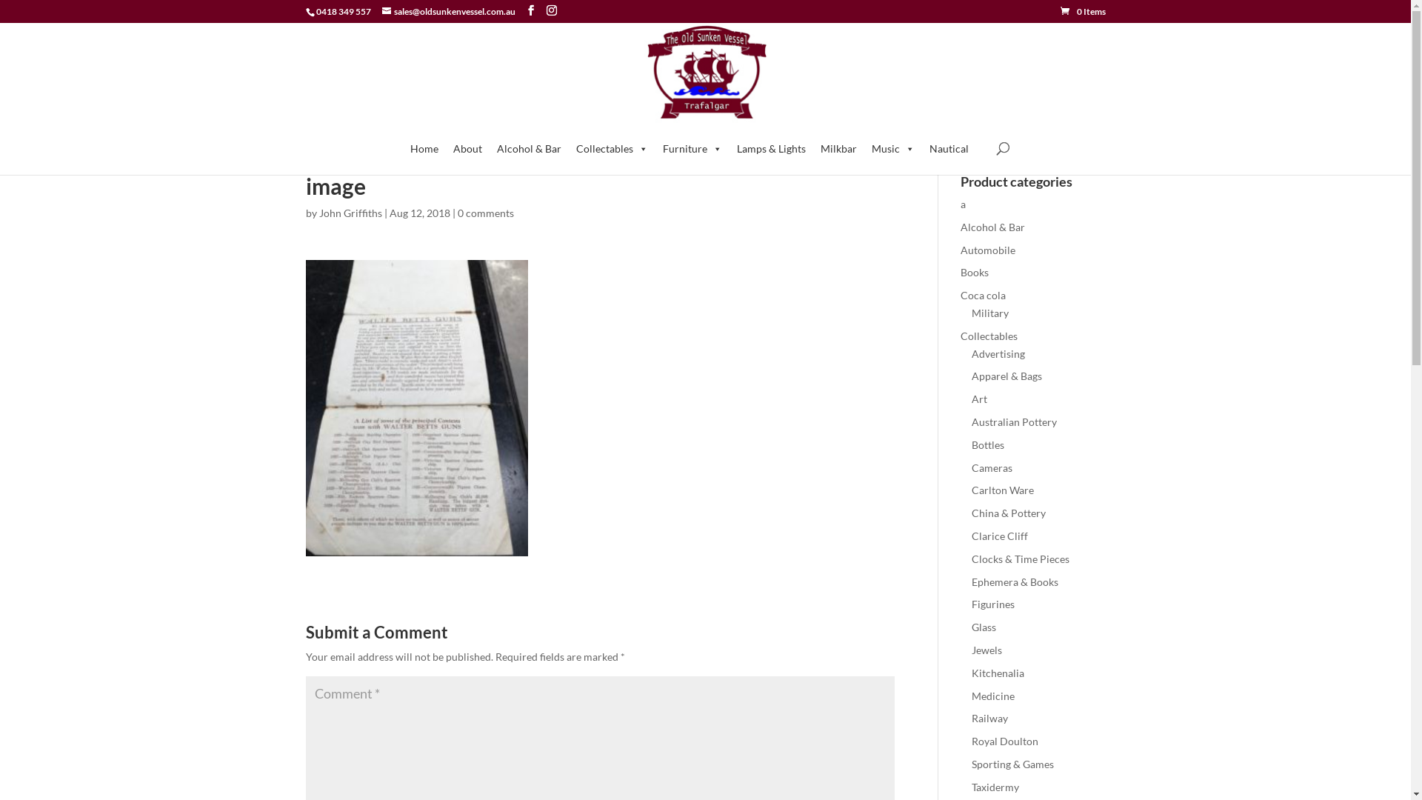  Describe the element at coordinates (998, 673) in the screenshot. I see `'Kitchenalia'` at that location.